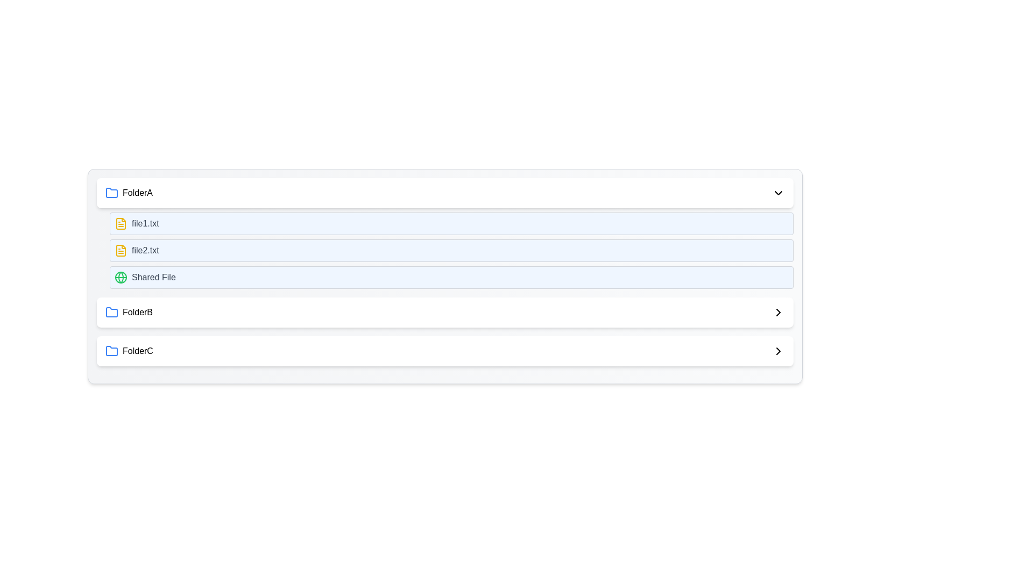  I want to click on the rightward-facing chevron icon located at the far right of the 'FolderC' row, so click(778, 351).